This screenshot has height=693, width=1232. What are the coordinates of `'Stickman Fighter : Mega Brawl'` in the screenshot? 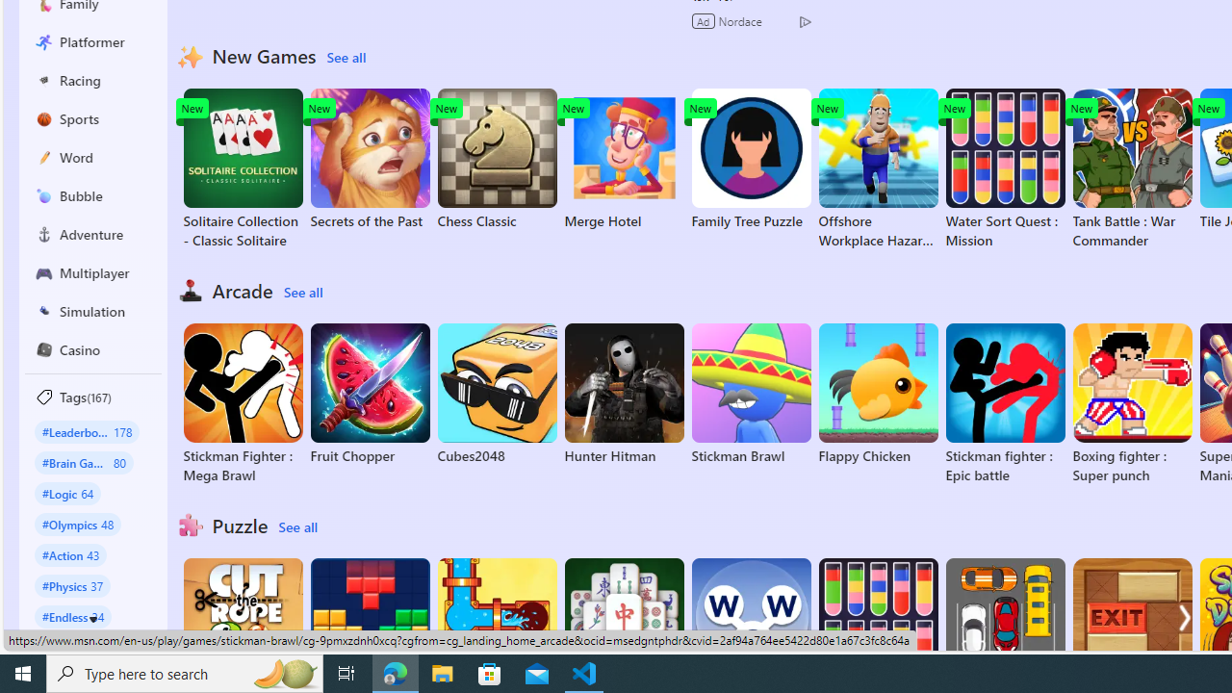 It's located at (242, 403).